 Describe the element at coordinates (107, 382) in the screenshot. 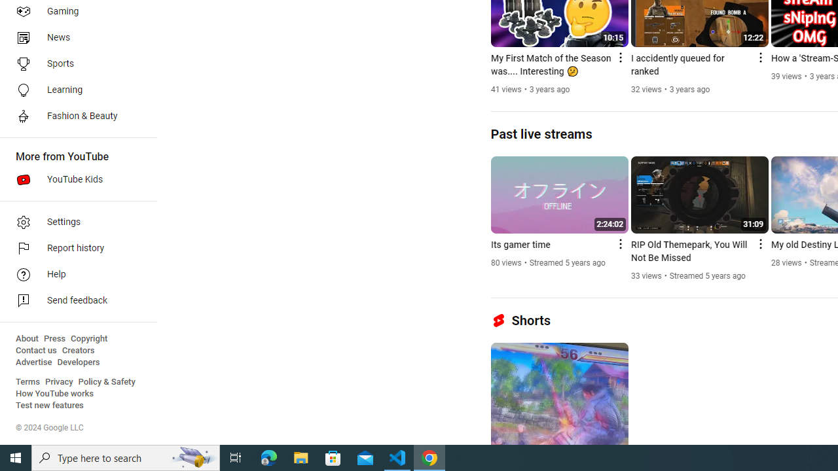

I see `'Policy & Safety'` at that location.